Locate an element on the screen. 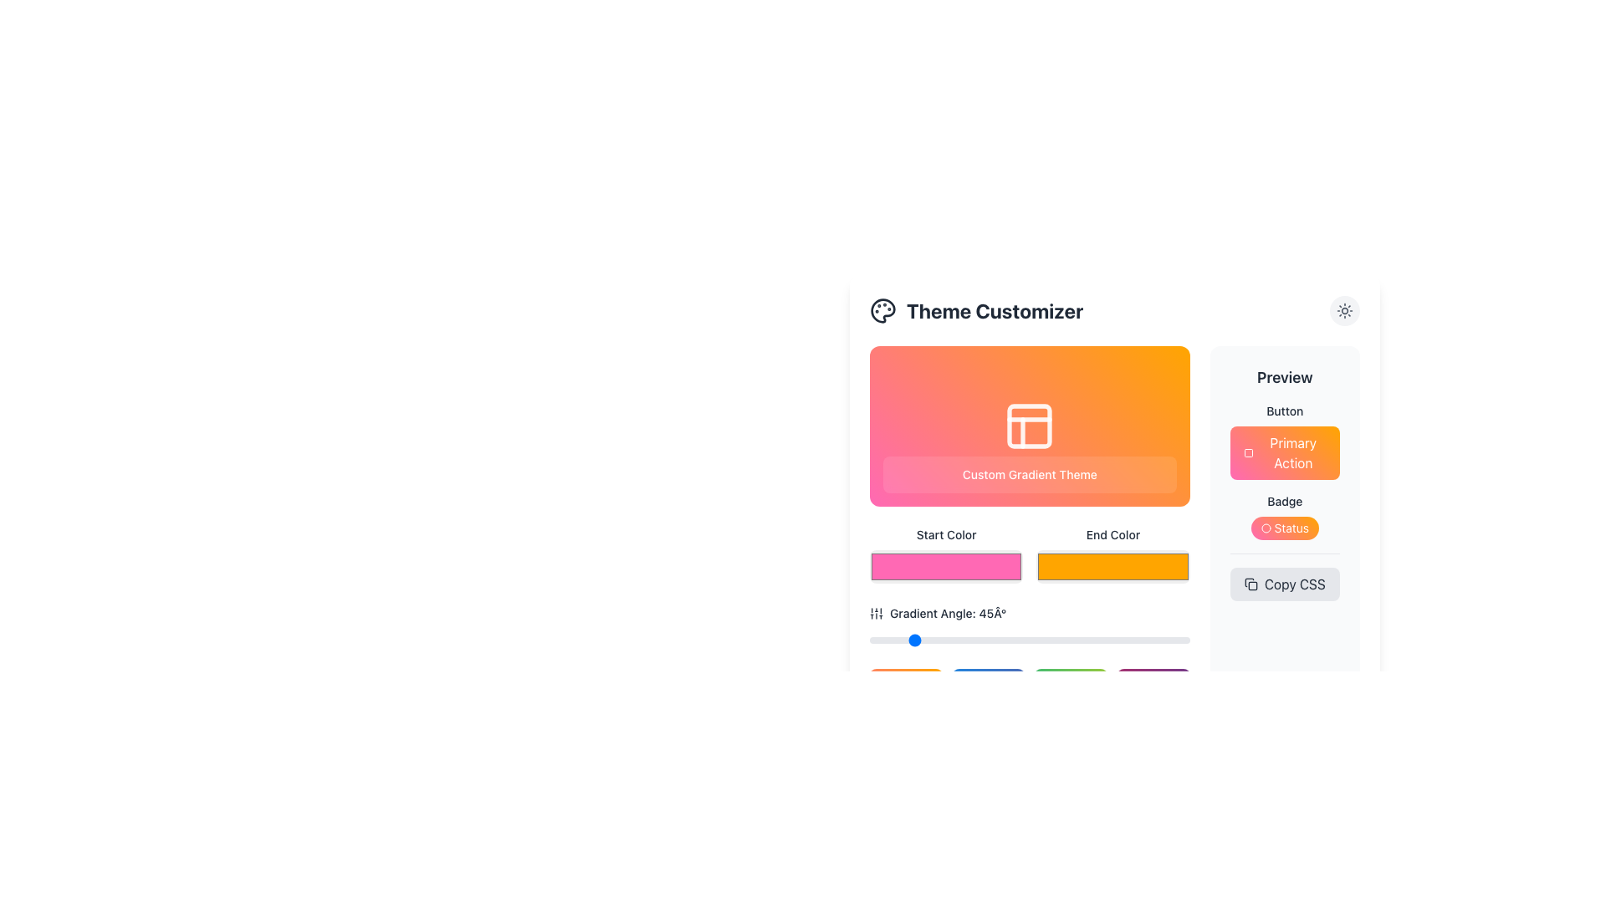 This screenshot has height=903, width=1606. the gradient angle slider is located at coordinates (1106, 640).